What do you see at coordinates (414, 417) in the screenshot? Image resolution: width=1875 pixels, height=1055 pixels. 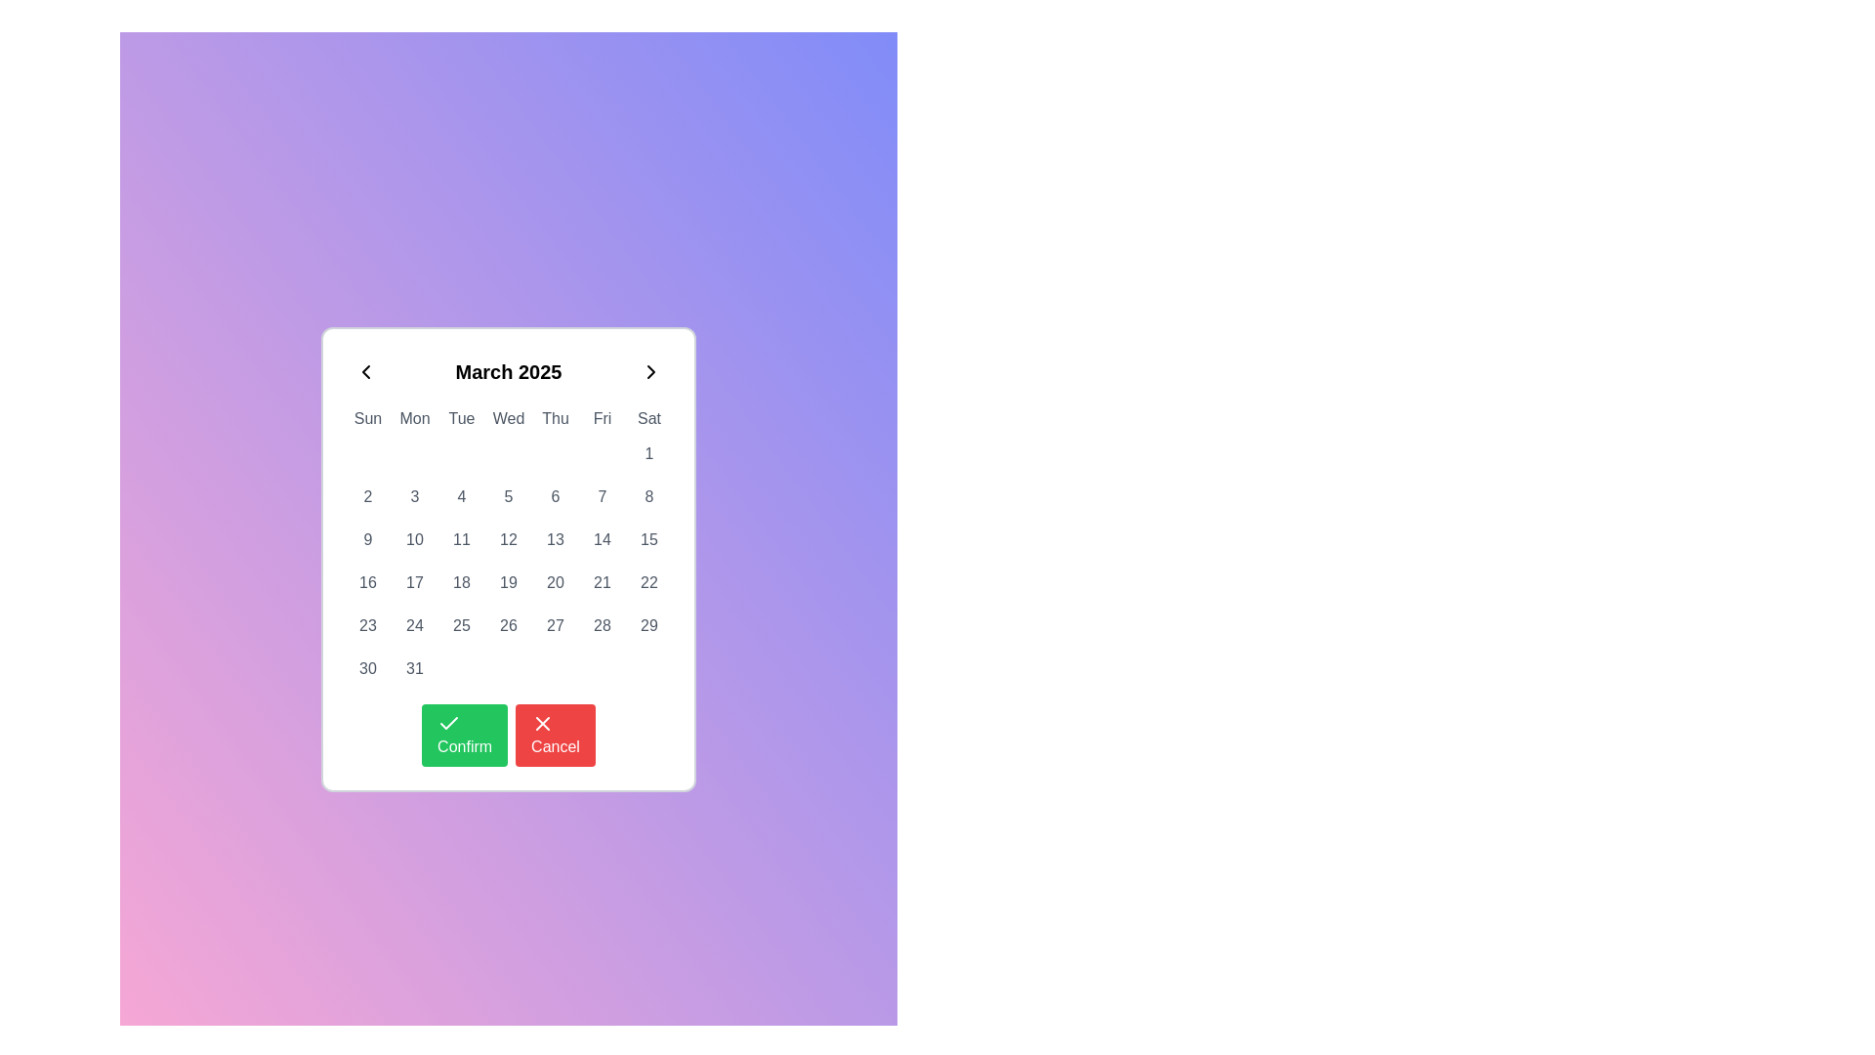 I see `the text label 'Mon', which is the second item in a row of days of the week in a calendar interface` at bounding box center [414, 417].